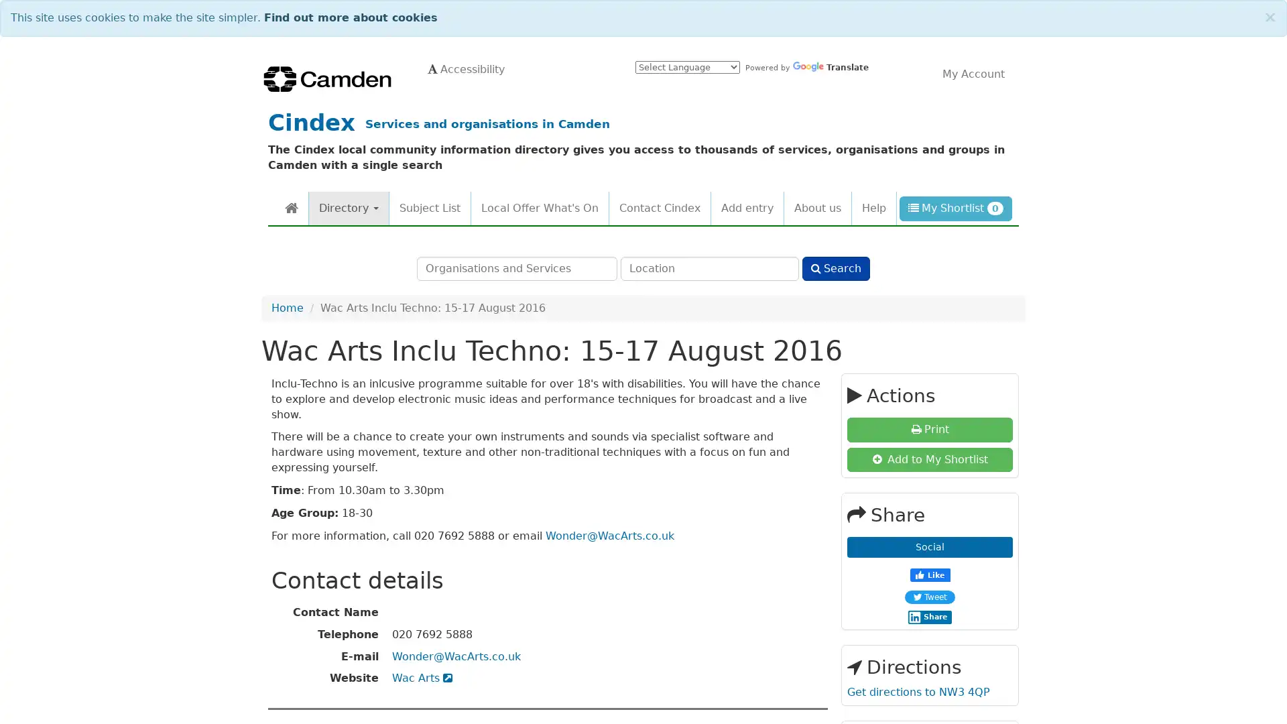 Image resolution: width=1287 pixels, height=724 pixels. Describe the element at coordinates (929, 617) in the screenshot. I see `Share` at that location.